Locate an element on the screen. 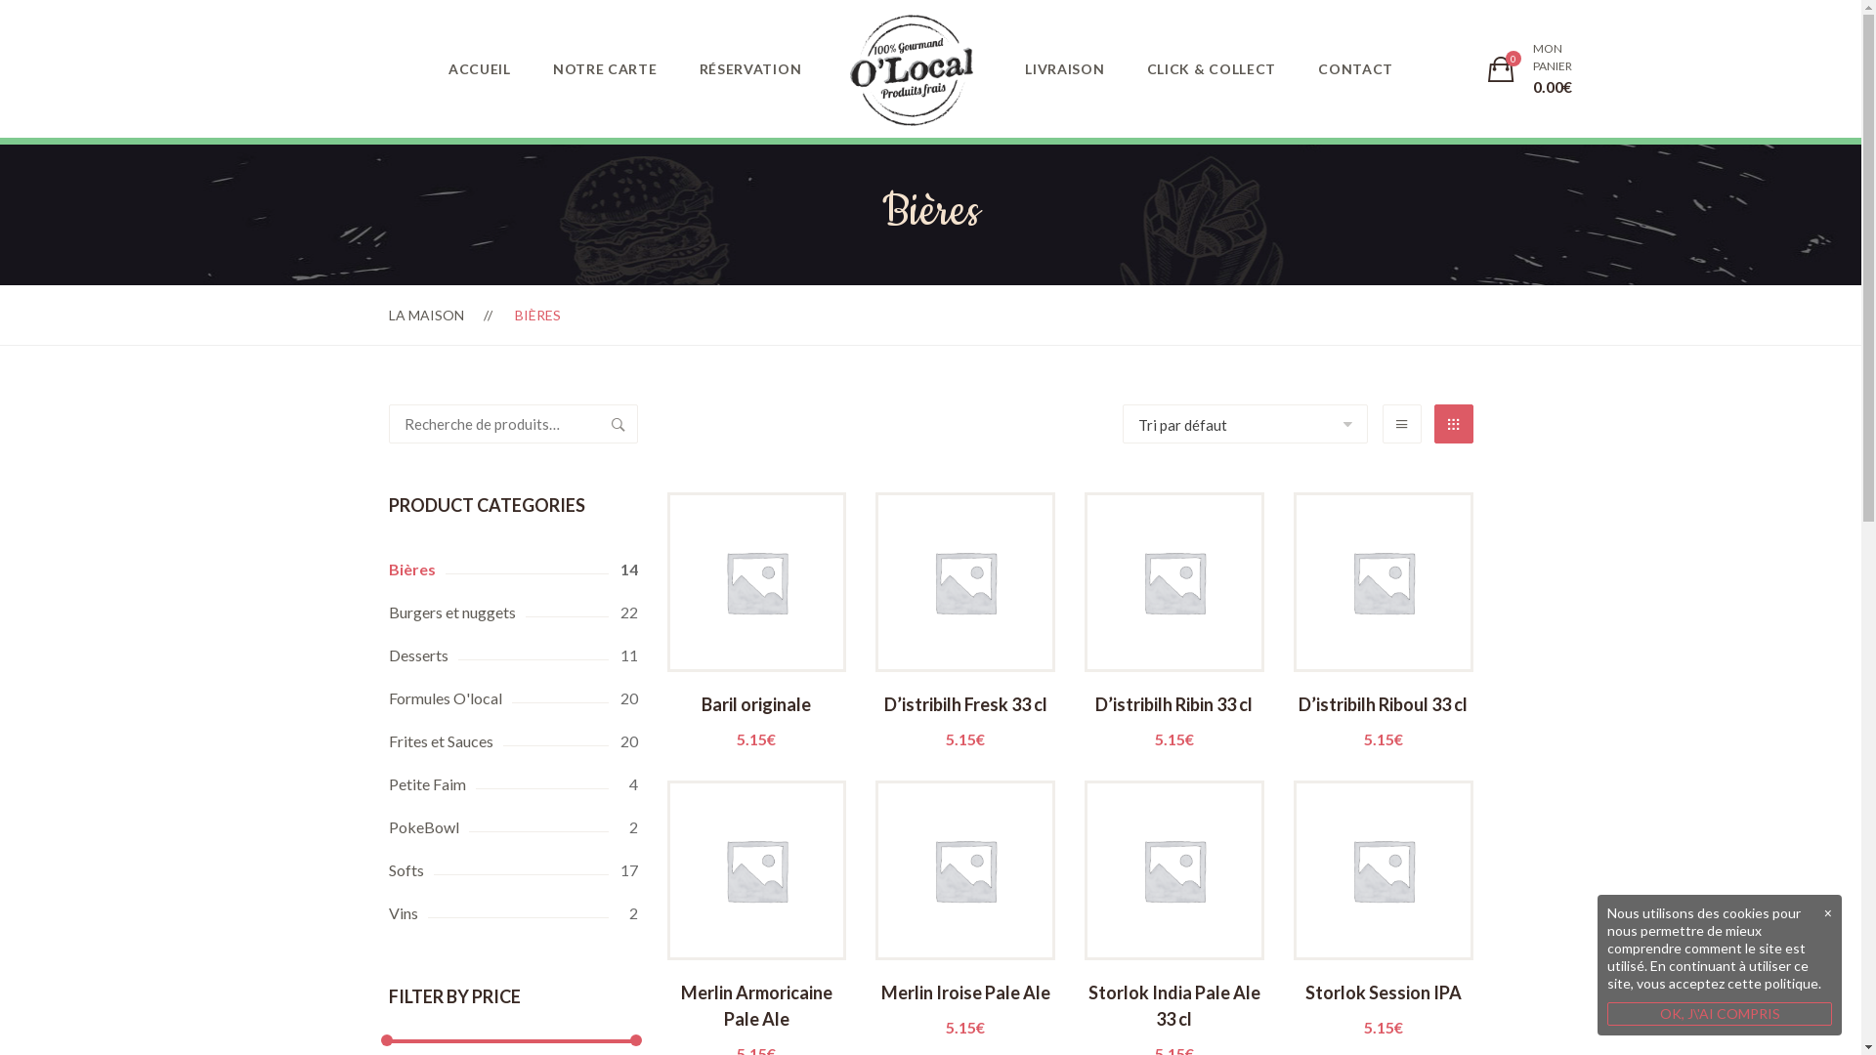 This screenshot has width=1876, height=1055. 'LA MAISON' is located at coordinates (425, 314).